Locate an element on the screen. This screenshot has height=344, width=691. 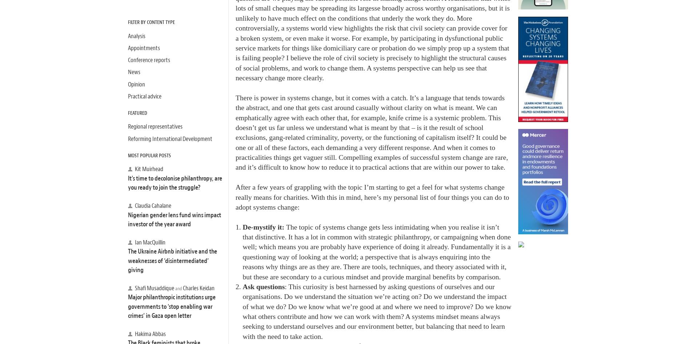
'News' is located at coordinates (128, 72).